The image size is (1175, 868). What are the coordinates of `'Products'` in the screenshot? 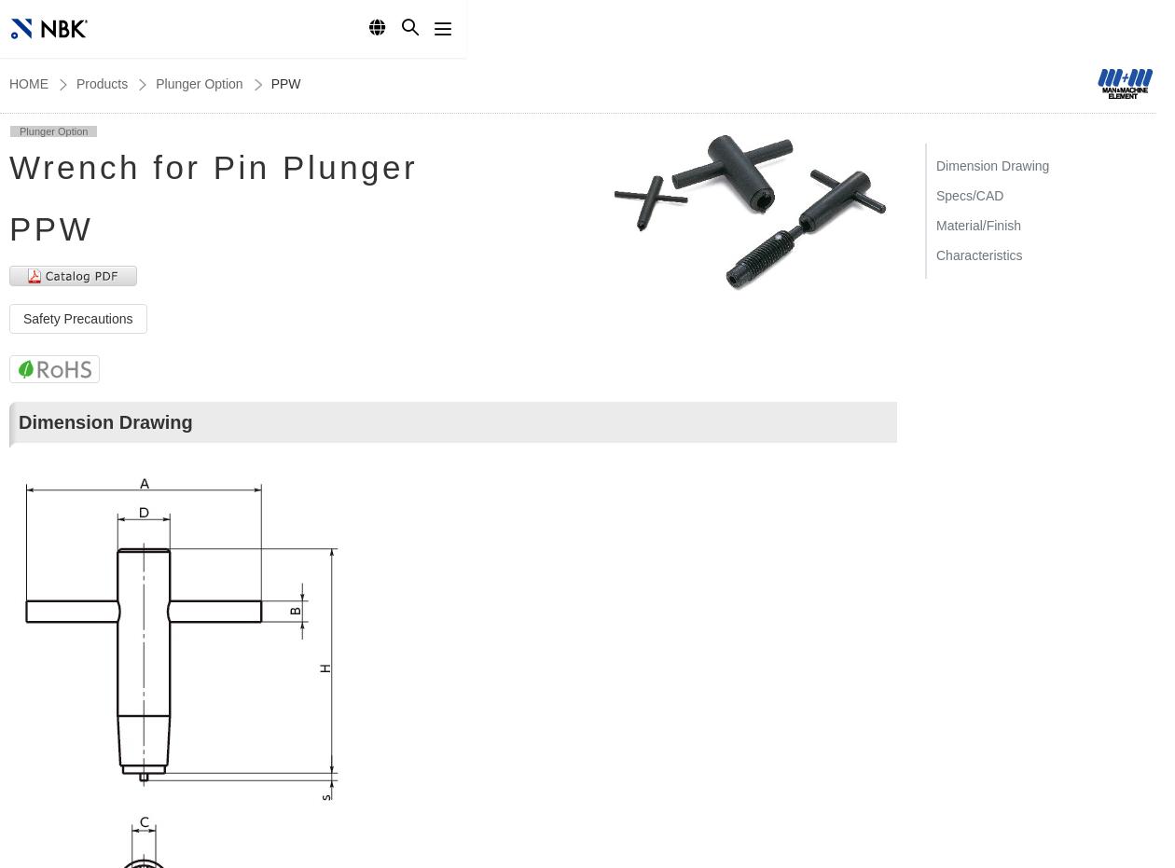 It's located at (102, 84).